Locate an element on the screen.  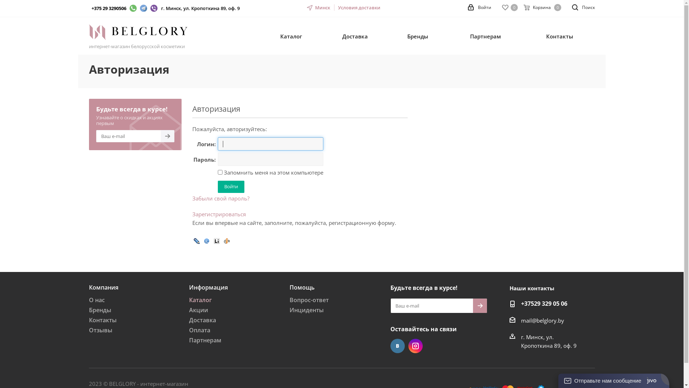
'OpenID' is located at coordinates (226, 240).